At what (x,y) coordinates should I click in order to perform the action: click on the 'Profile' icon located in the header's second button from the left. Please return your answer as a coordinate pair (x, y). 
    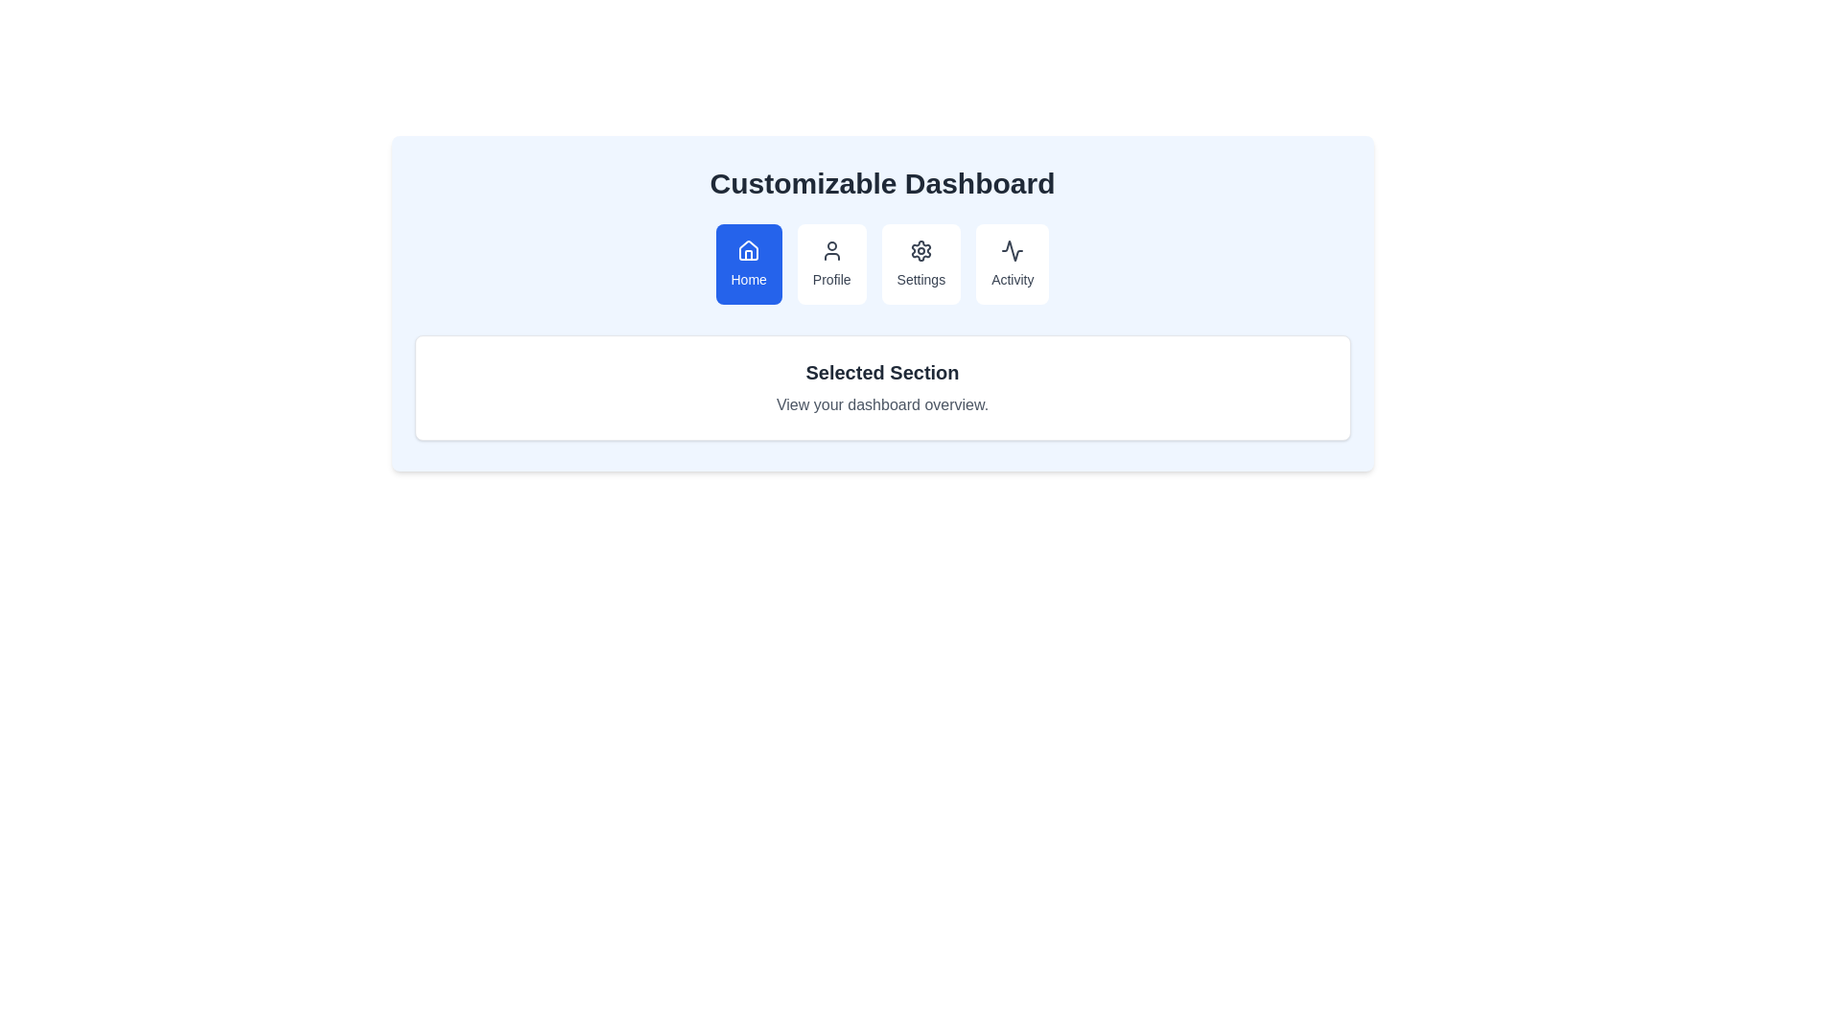
    Looking at the image, I should click on (831, 250).